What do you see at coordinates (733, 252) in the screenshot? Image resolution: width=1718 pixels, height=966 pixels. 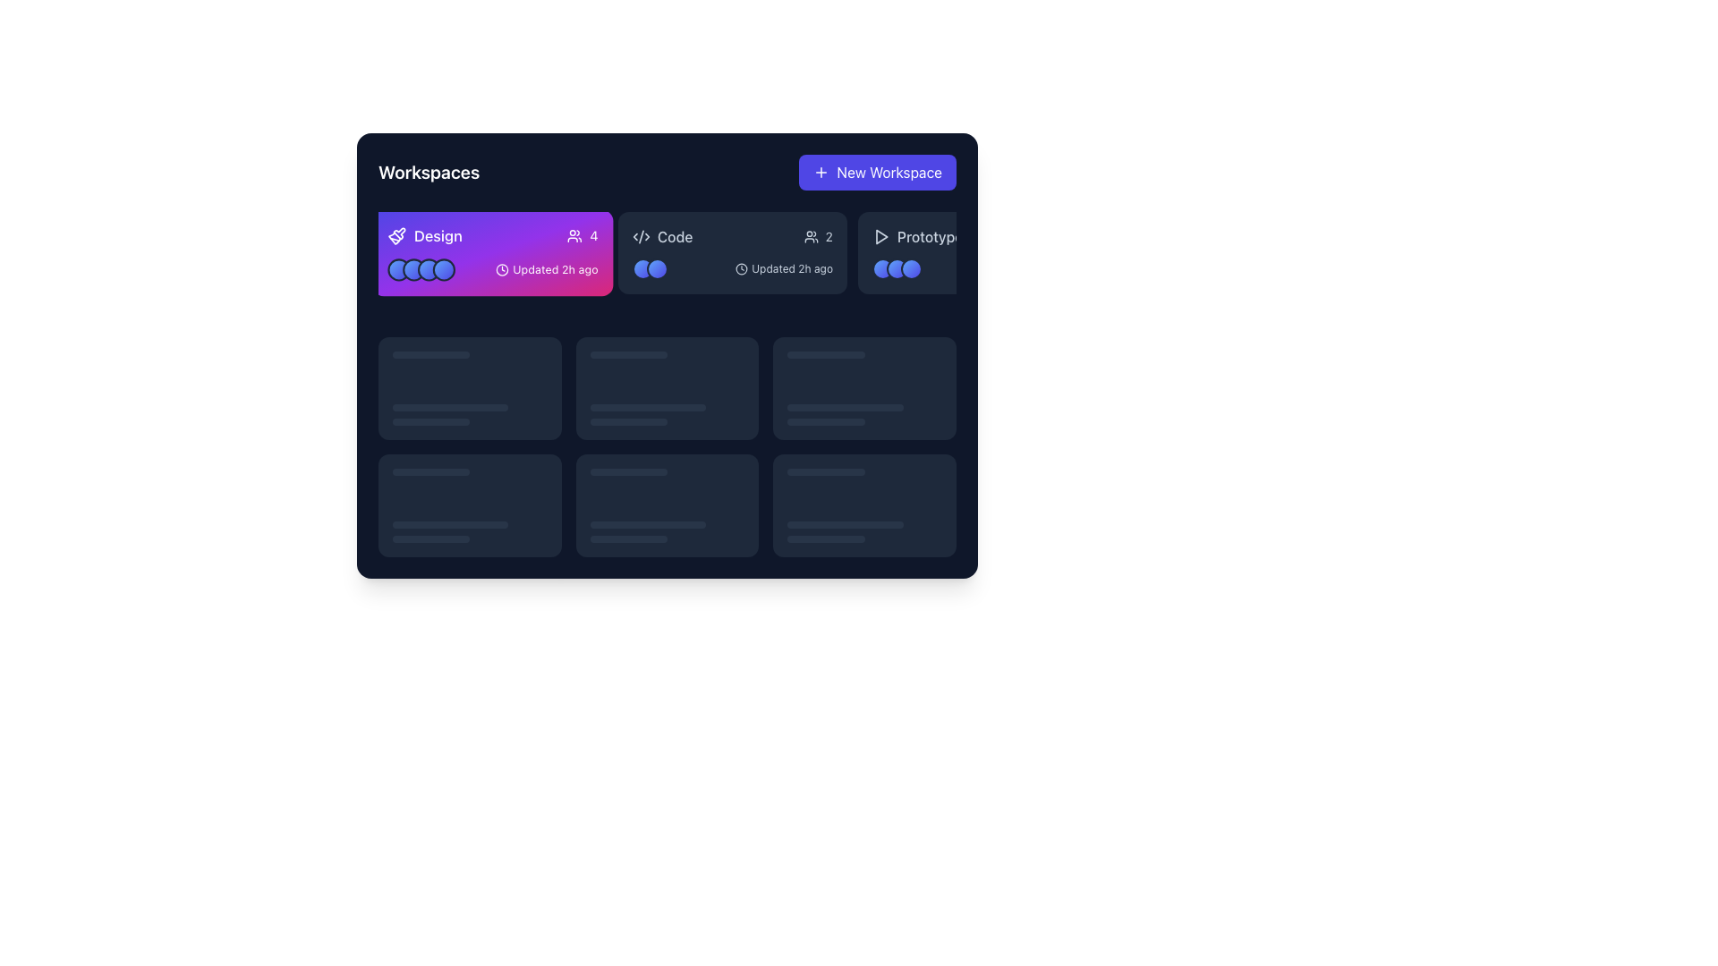 I see `the 'Code' informational card` at bounding box center [733, 252].